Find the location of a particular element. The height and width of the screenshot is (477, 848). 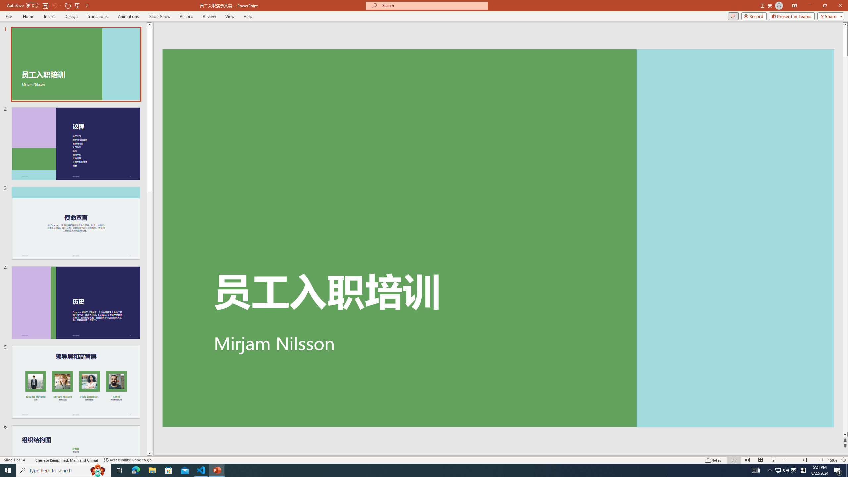

'Spell Check ' is located at coordinates (31, 460).